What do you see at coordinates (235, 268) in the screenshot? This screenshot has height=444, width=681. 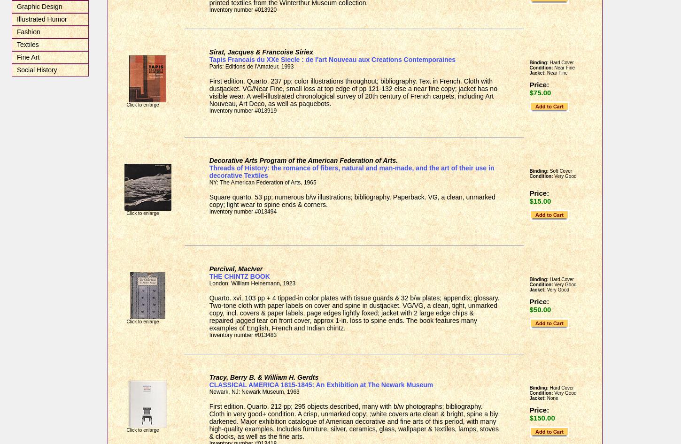 I see `'Percival, MacIver'` at bounding box center [235, 268].